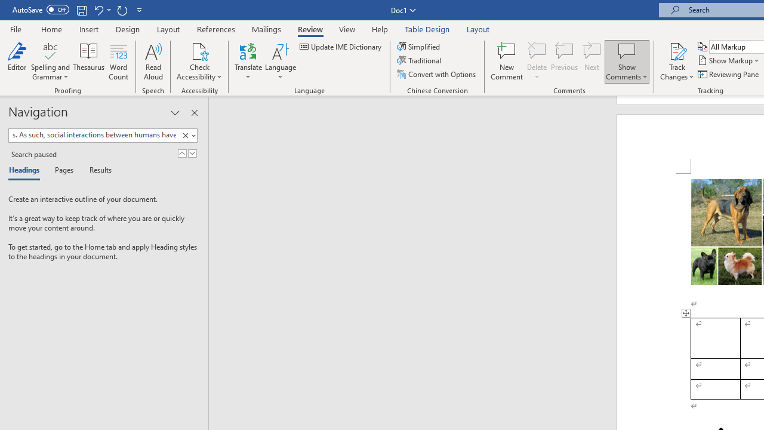  What do you see at coordinates (626, 50) in the screenshot?
I see `'Show Comments'` at bounding box center [626, 50].